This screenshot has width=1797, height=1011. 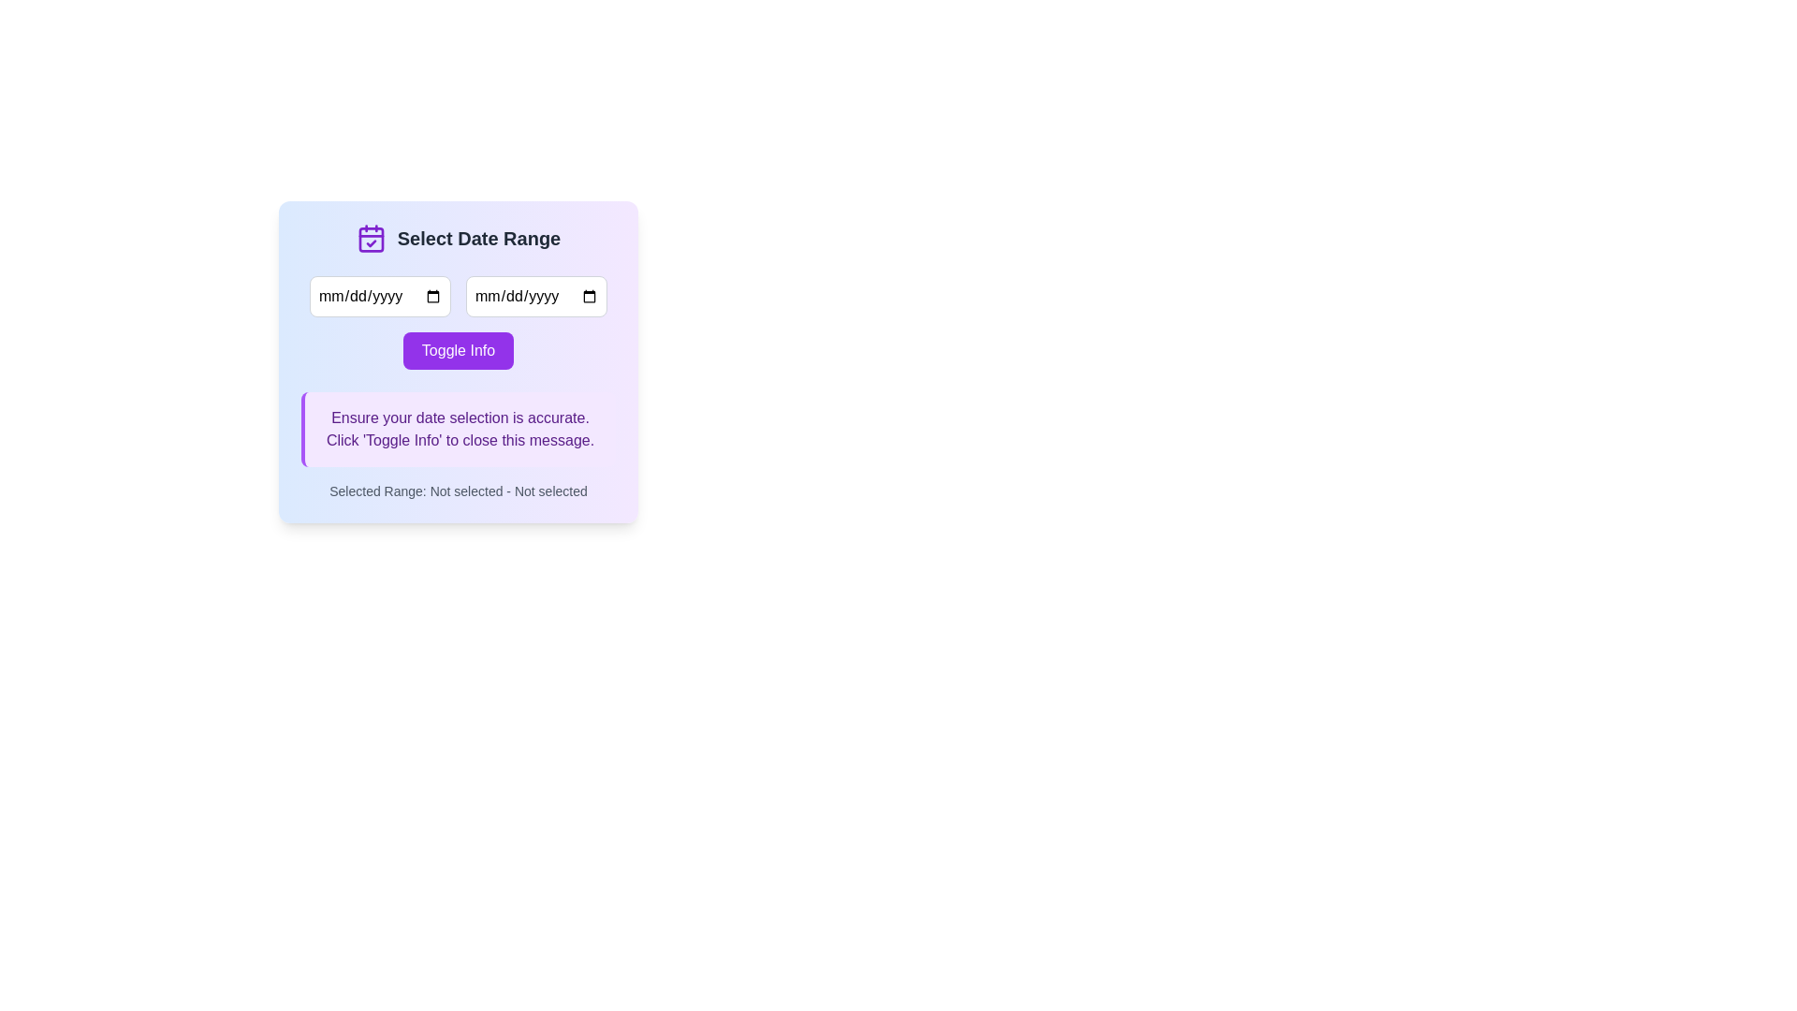 What do you see at coordinates (458, 430) in the screenshot?
I see `the Informational notification box, which is located below the purple 'Toggle Info' button and above the text 'Selected Range: Not selected - Not selected.'` at bounding box center [458, 430].